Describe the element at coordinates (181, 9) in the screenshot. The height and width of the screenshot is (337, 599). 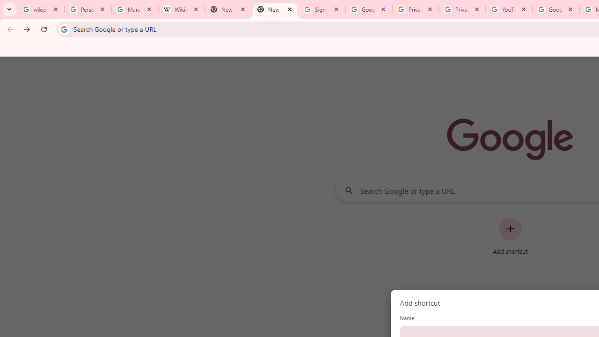
I see `'Wikipedia:Edit requests - Wikipedia'` at that location.